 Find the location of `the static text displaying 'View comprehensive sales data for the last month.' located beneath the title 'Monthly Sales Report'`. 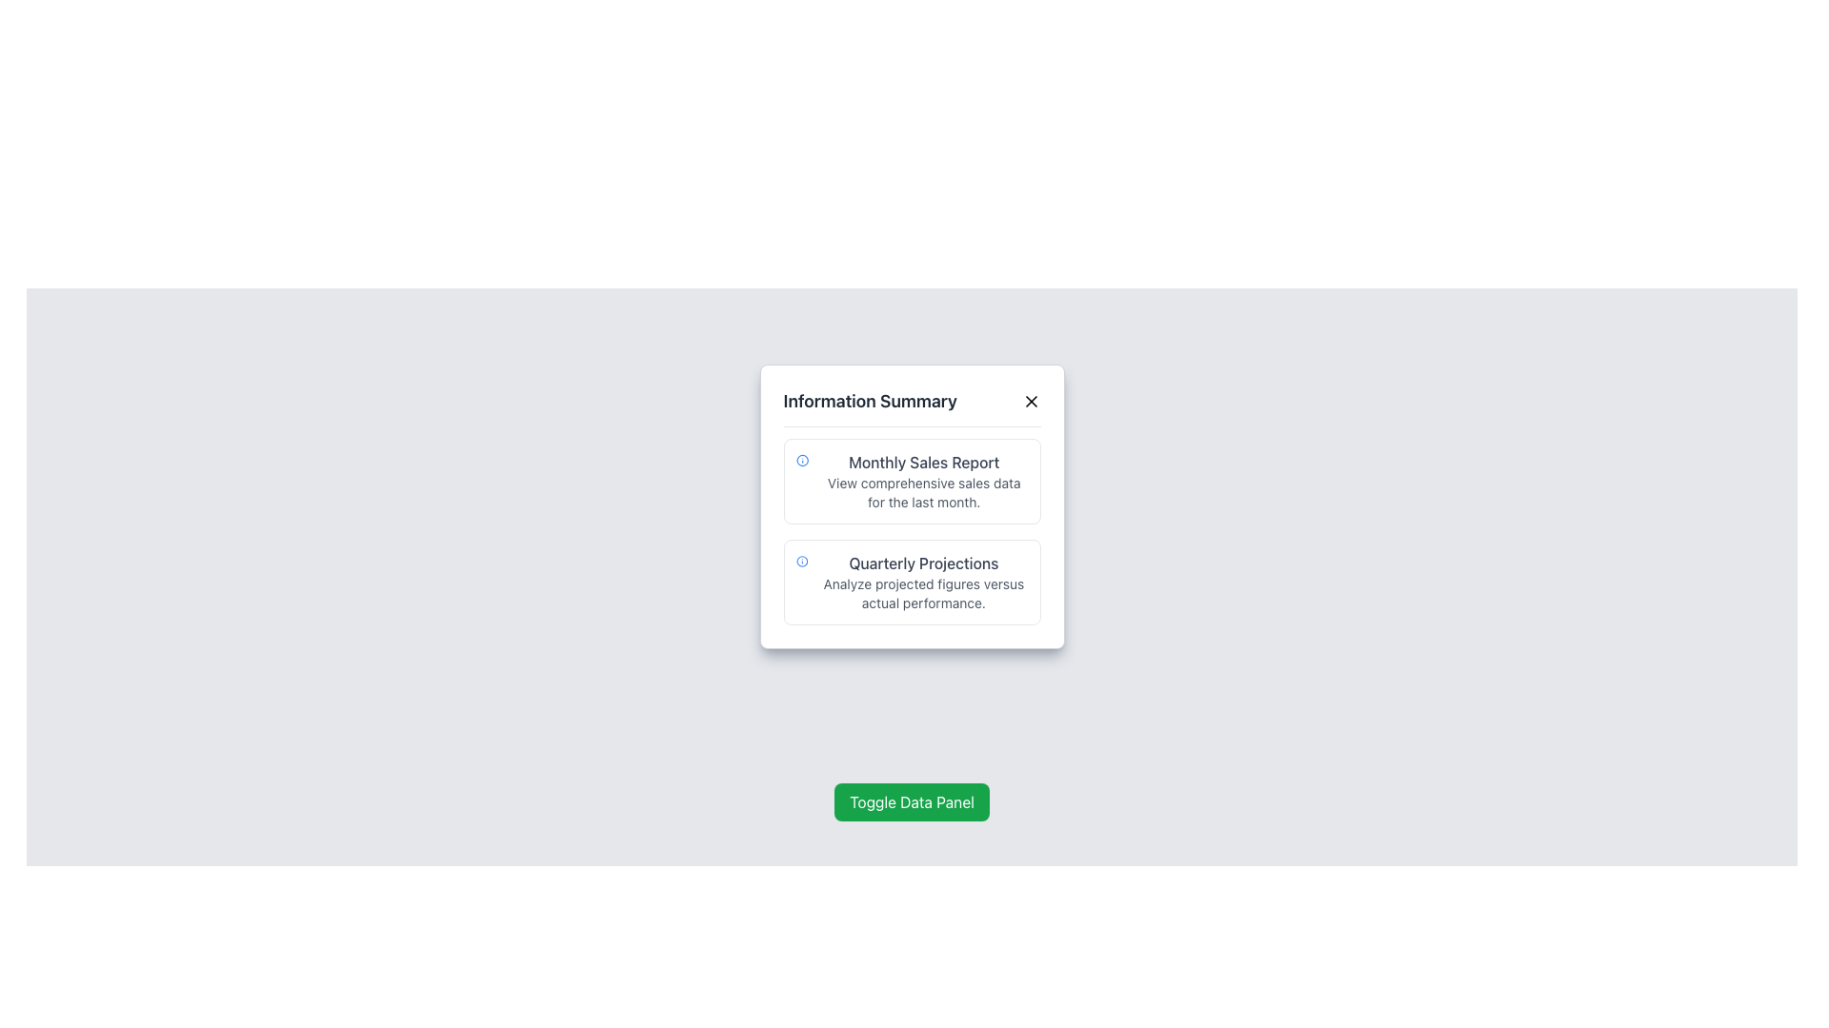

the static text displaying 'View comprehensive sales data for the last month.' located beneath the title 'Monthly Sales Report' is located at coordinates (924, 491).